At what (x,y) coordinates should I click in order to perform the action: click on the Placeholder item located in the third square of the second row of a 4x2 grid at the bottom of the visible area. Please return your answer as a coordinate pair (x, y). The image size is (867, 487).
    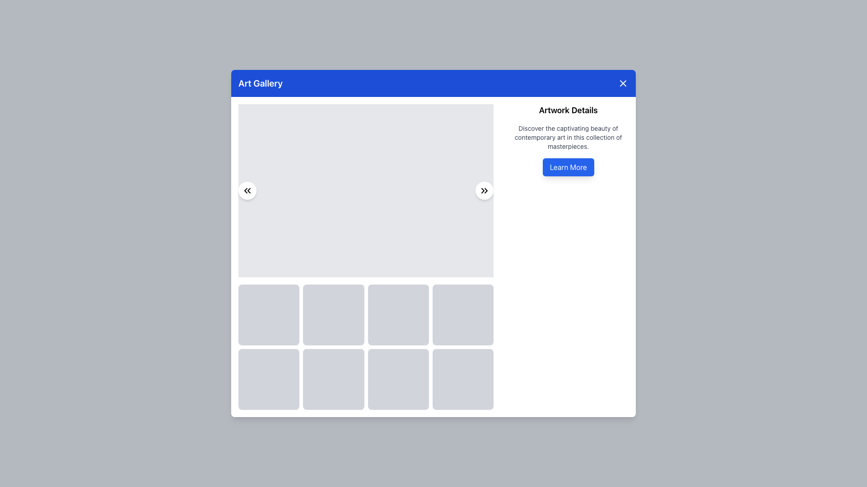
    Looking at the image, I should click on (398, 379).